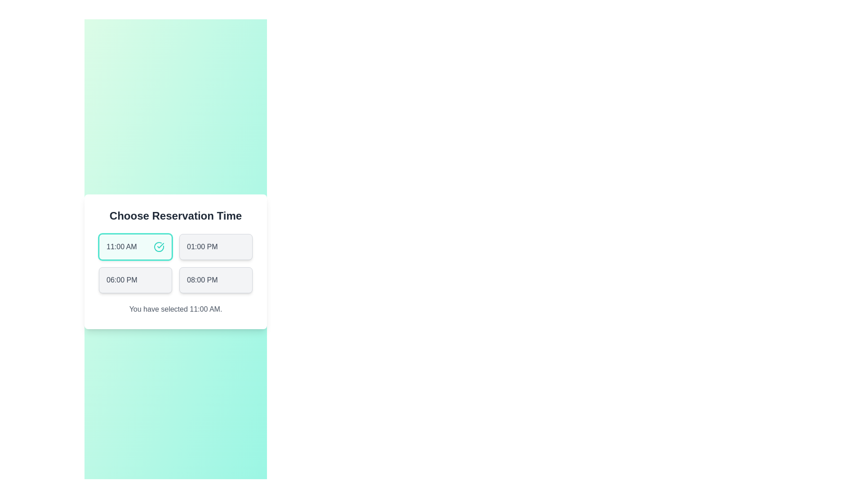 The width and height of the screenshot is (863, 485). What do you see at coordinates (175, 261) in the screenshot?
I see `the Interactive button grid for selecting a reservation time` at bounding box center [175, 261].